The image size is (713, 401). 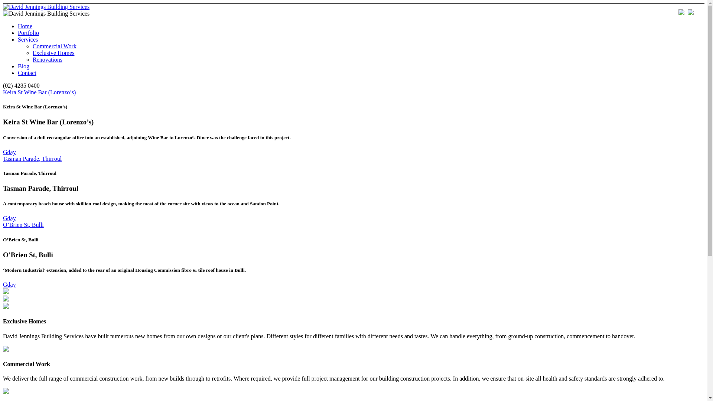 What do you see at coordinates (9, 284) in the screenshot?
I see `'Gday'` at bounding box center [9, 284].